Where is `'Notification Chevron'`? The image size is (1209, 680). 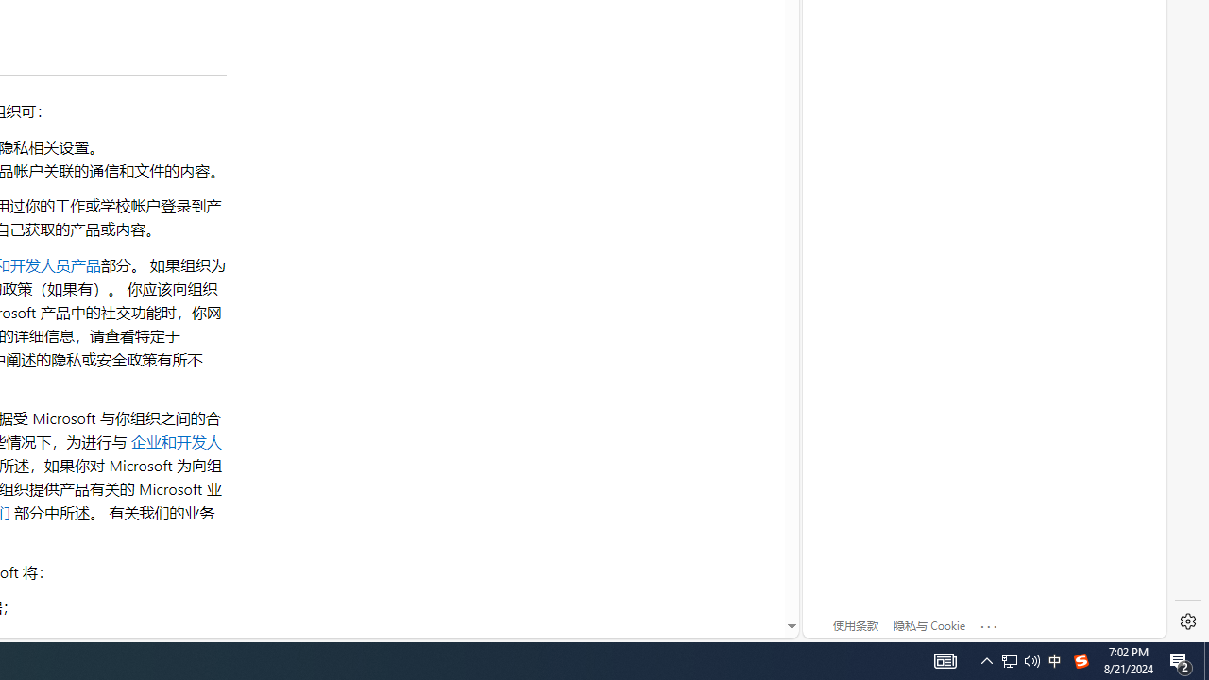
'Notification Chevron' is located at coordinates (986, 659).